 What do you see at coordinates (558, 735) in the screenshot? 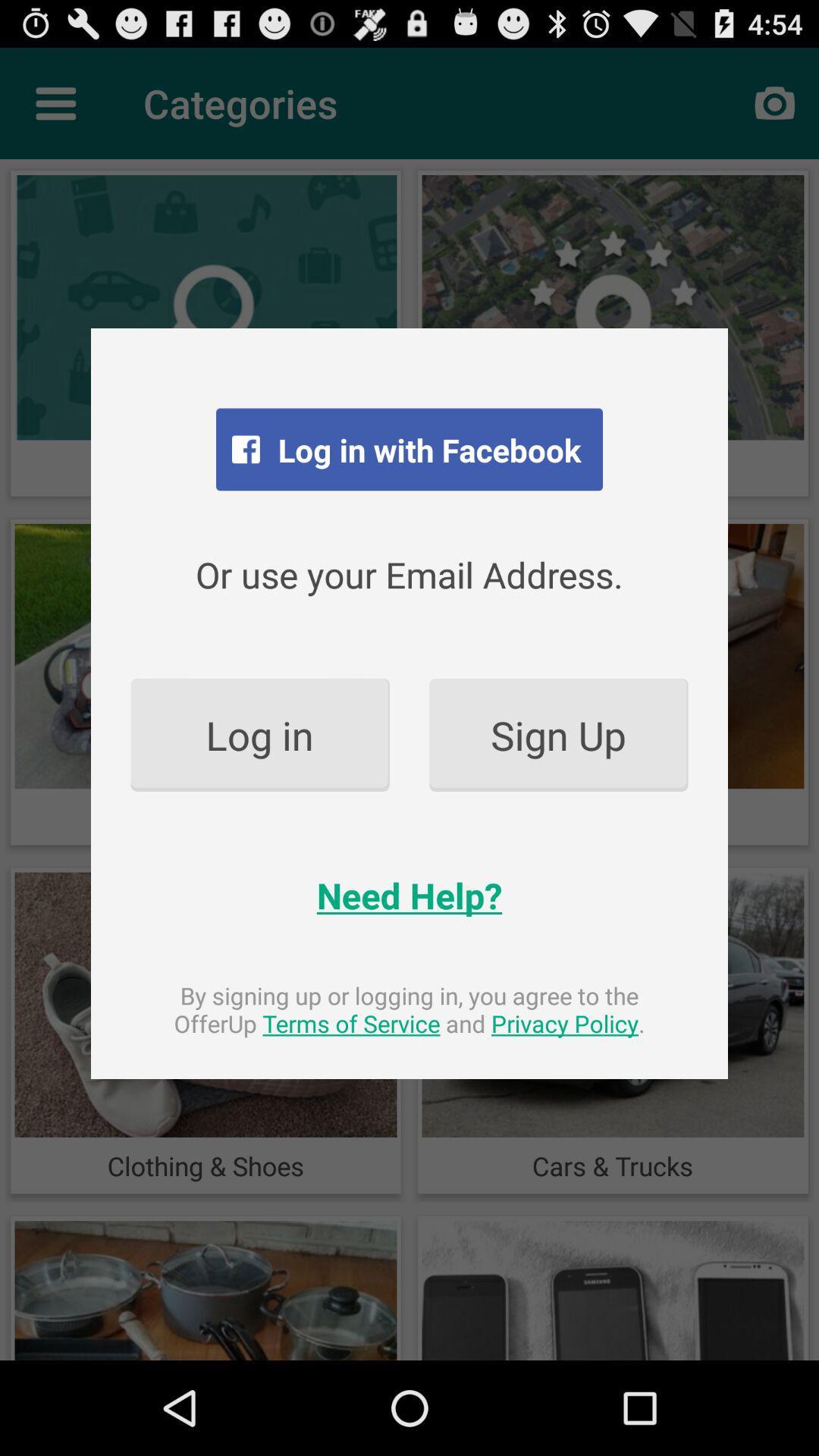
I see `icon above need help? icon` at bounding box center [558, 735].